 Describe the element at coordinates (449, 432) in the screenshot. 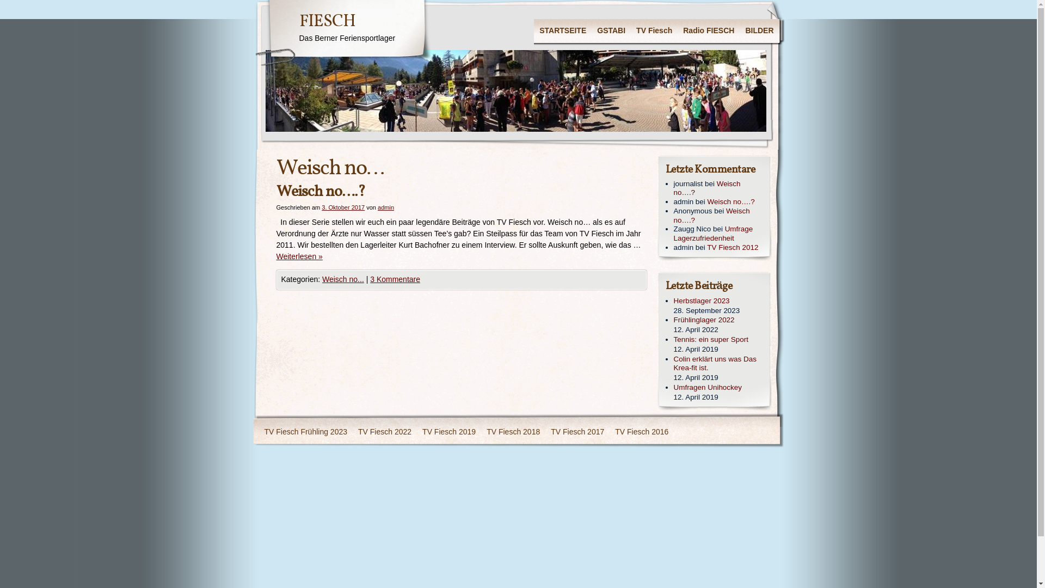

I see `'TV Fiesch 2019'` at that location.